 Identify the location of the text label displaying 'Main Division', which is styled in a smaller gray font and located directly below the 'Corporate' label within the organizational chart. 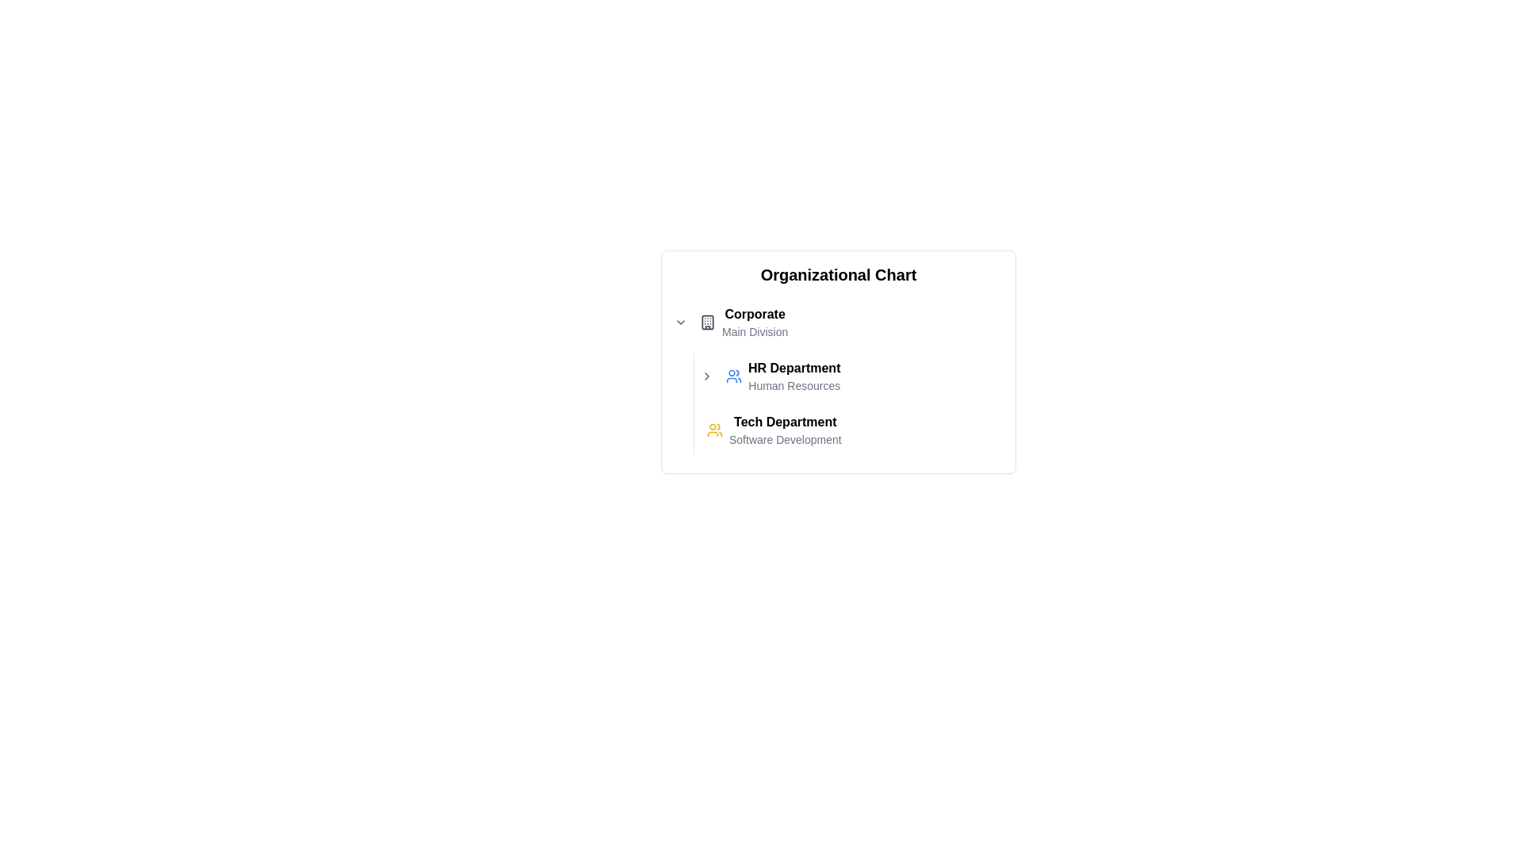
(754, 331).